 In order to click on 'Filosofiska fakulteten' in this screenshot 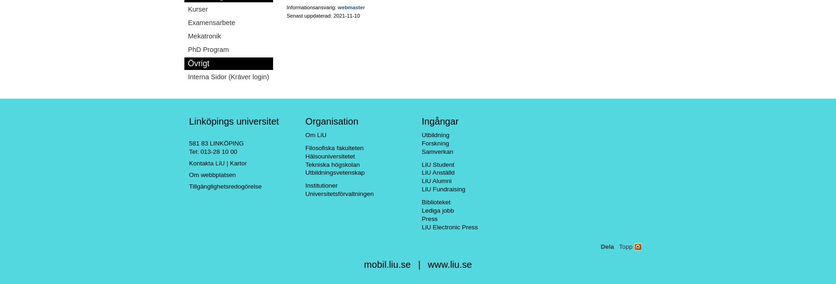, I will do `click(333, 147)`.